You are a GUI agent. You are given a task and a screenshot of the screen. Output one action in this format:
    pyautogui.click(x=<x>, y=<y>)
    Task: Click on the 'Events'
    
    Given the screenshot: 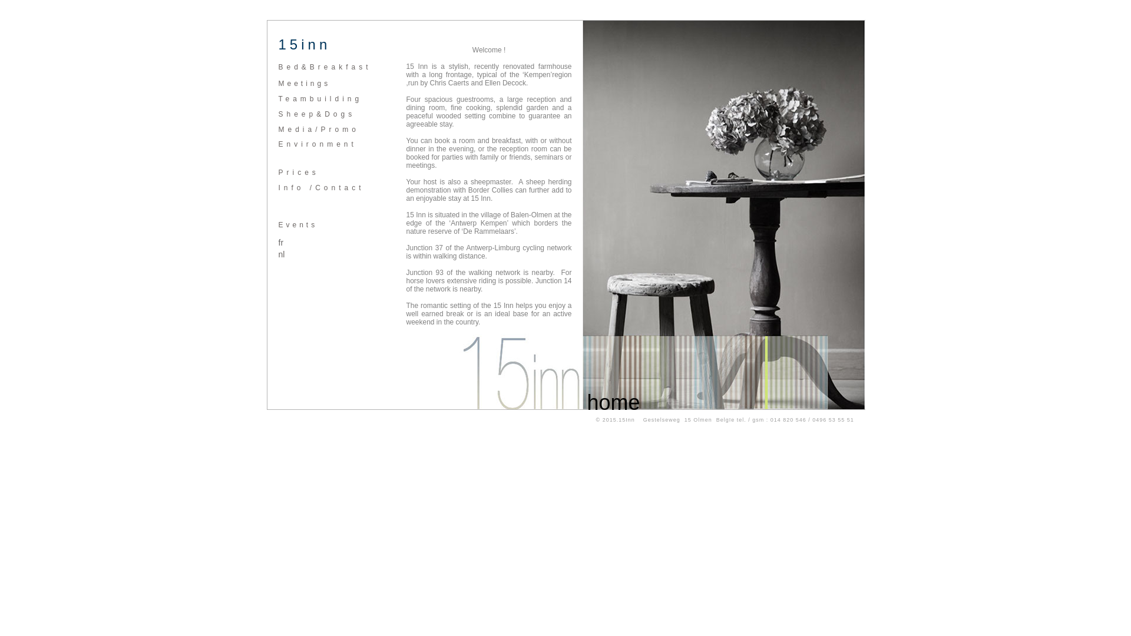 What is the action you would take?
    pyautogui.click(x=297, y=224)
    